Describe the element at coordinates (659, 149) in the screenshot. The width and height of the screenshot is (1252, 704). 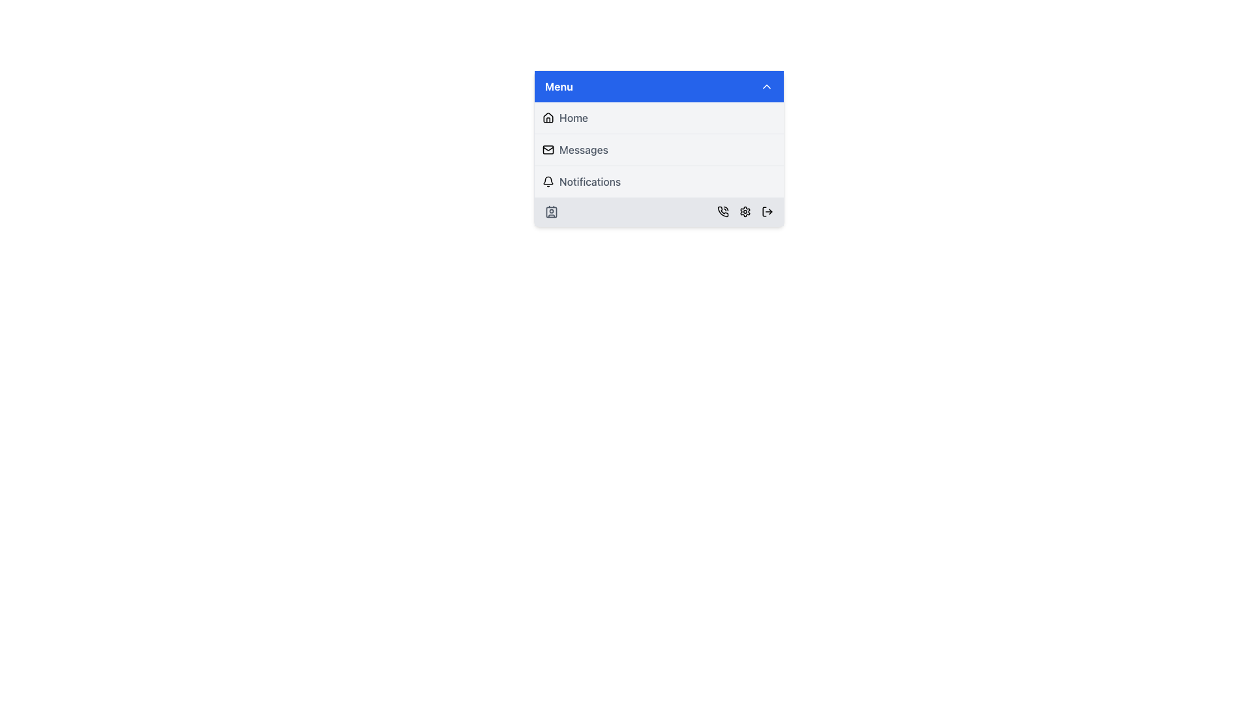
I see `the Menu Item that allows users` at that location.